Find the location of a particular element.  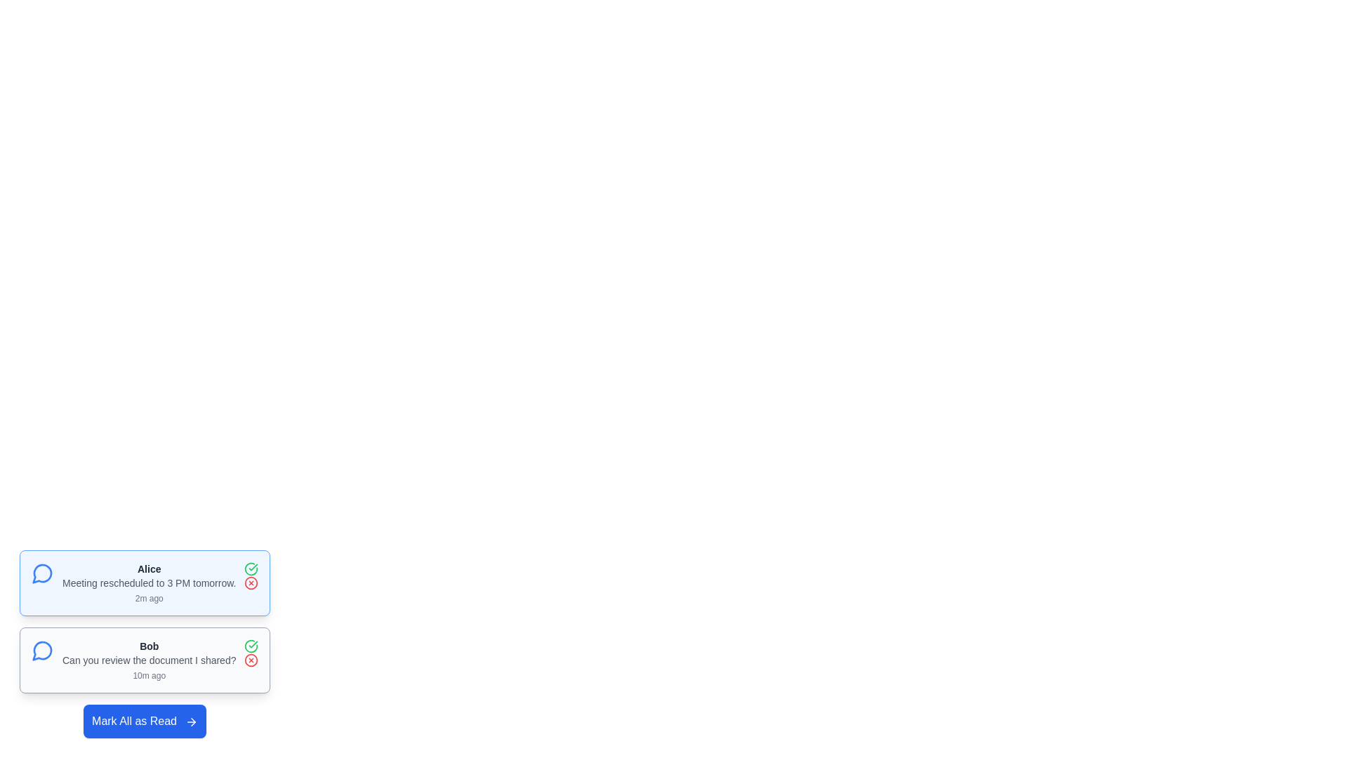

the check icon to provide feedback is located at coordinates (251, 568).